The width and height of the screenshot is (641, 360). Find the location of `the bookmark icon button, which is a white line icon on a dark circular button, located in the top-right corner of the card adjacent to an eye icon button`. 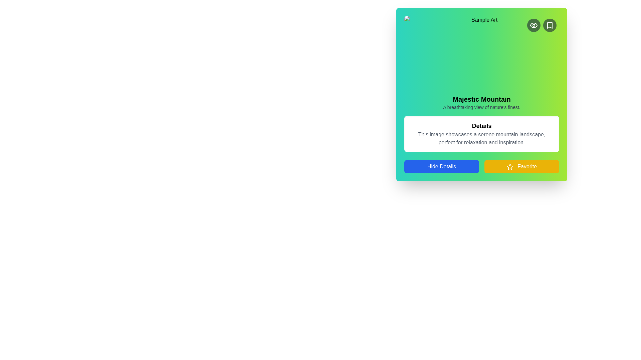

the bookmark icon button, which is a white line icon on a dark circular button, located in the top-right corner of the card adjacent to an eye icon button is located at coordinates (550, 25).